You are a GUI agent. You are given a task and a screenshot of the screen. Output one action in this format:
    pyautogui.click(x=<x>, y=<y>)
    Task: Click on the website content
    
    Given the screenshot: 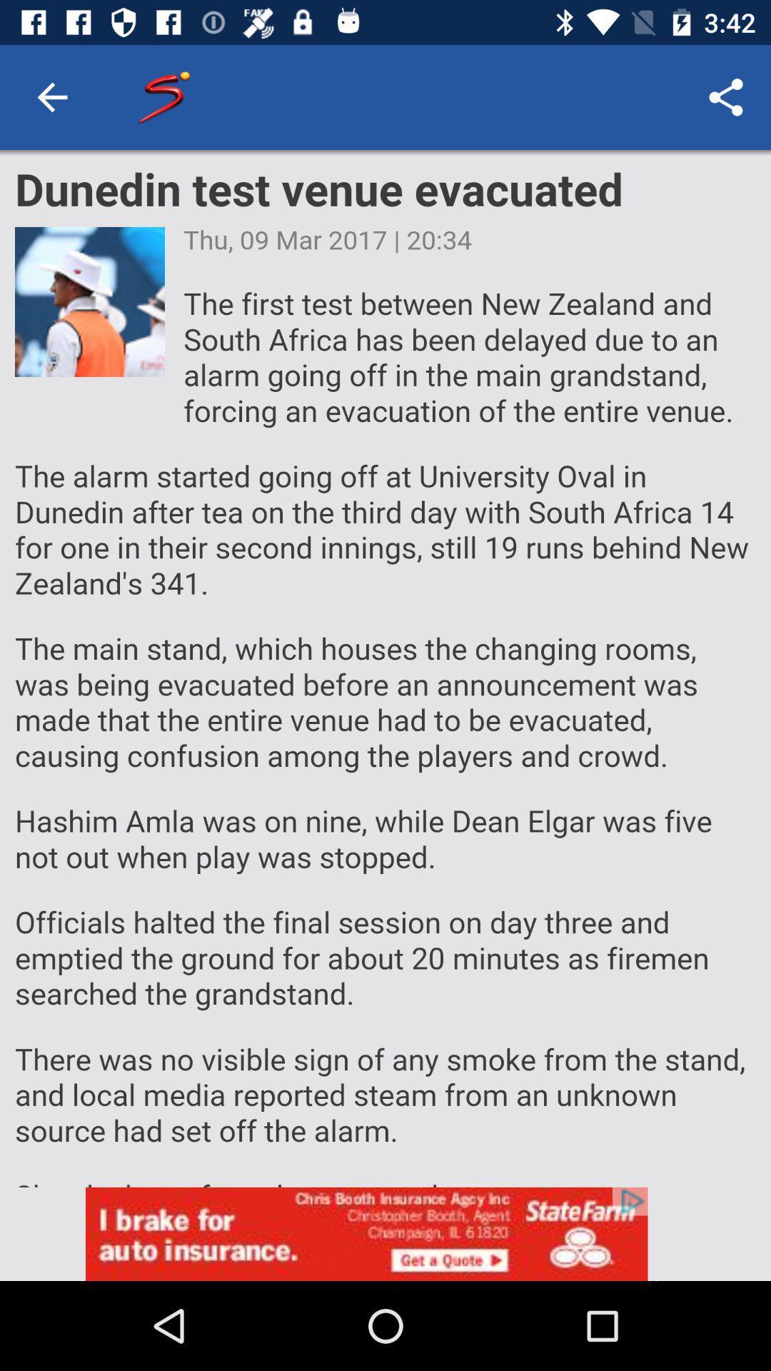 What is the action you would take?
    pyautogui.click(x=385, y=668)
    